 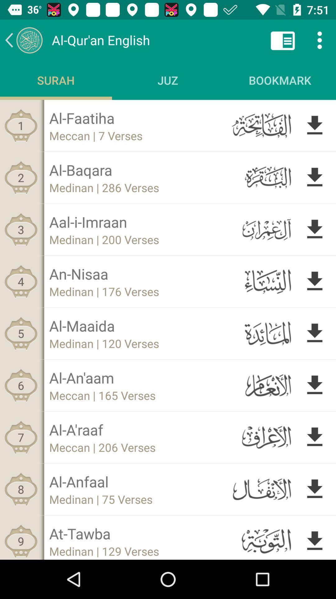 I want to click on the description icon, so click(x=283, y=40).